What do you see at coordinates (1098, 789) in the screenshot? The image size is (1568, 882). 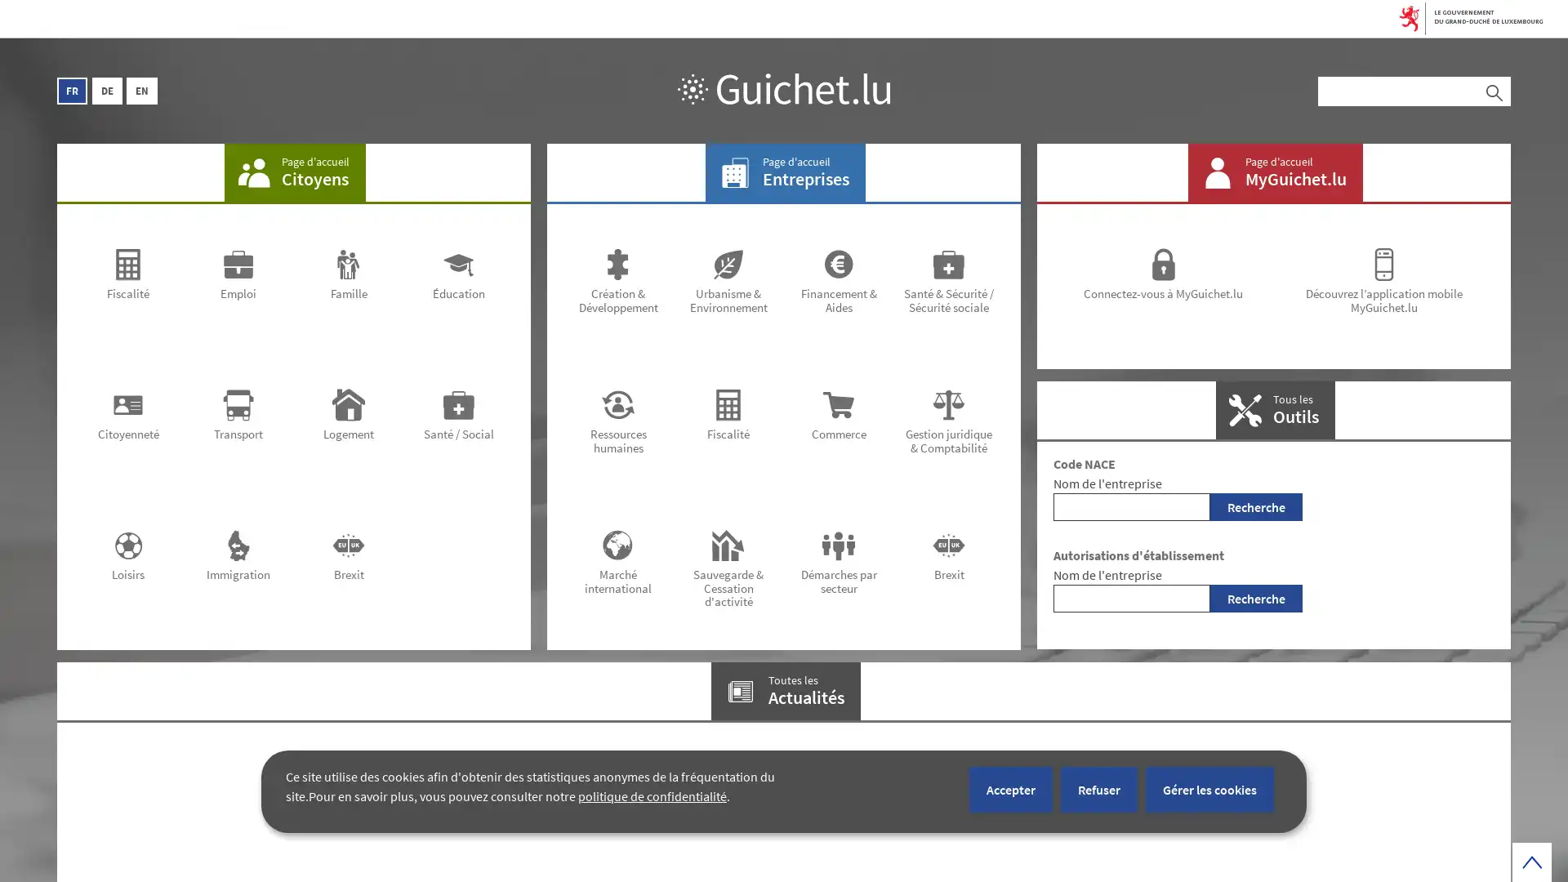 I see `Refuser` at bounding box center [1098, 789].